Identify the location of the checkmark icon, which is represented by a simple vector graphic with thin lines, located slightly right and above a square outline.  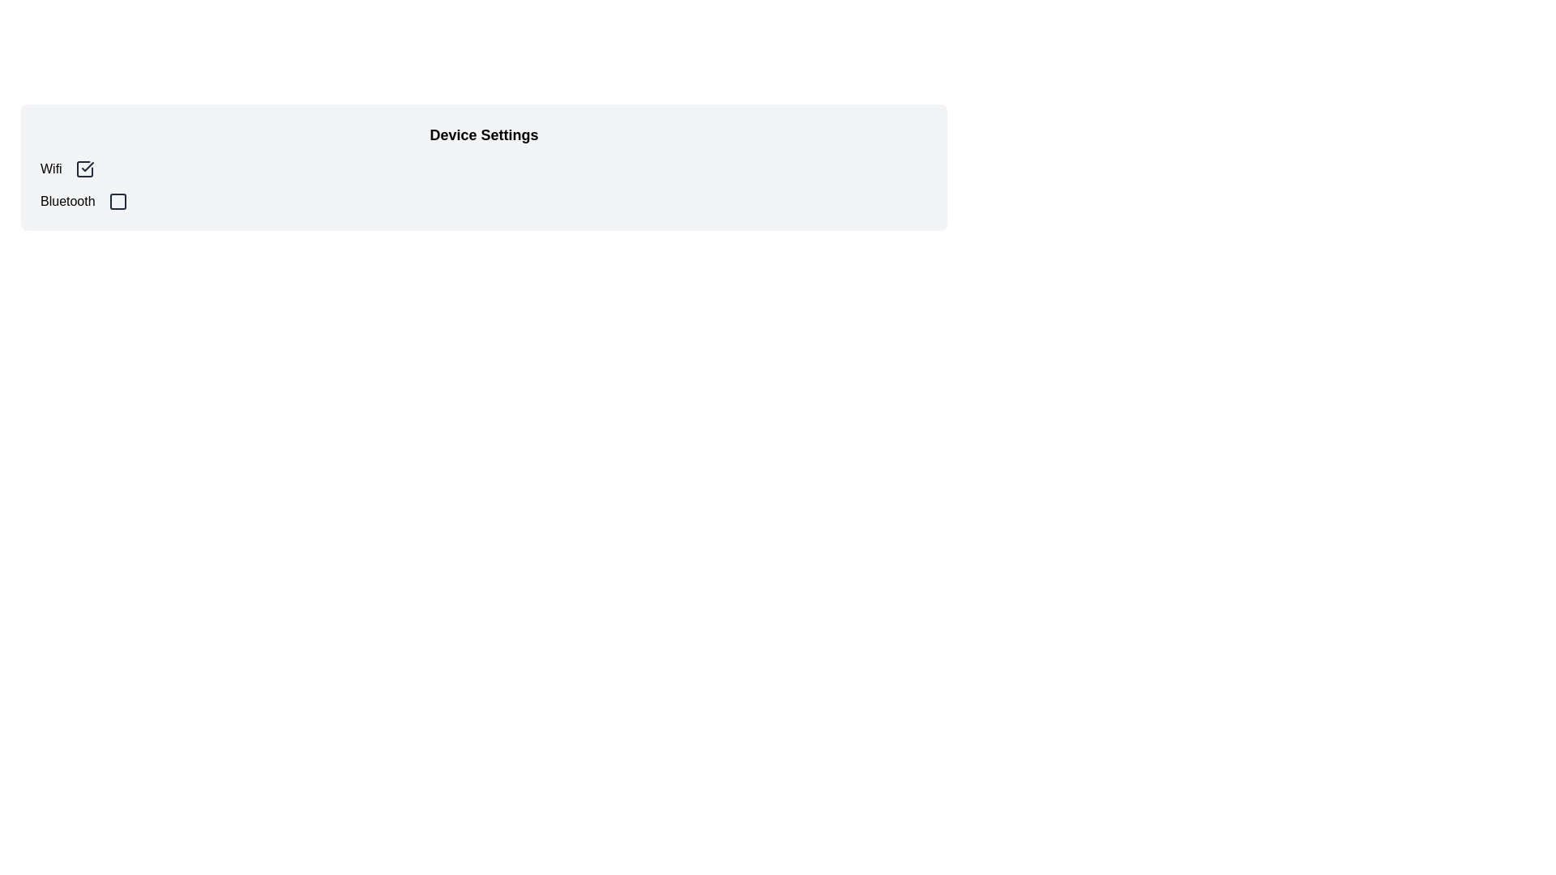
(87, 166).